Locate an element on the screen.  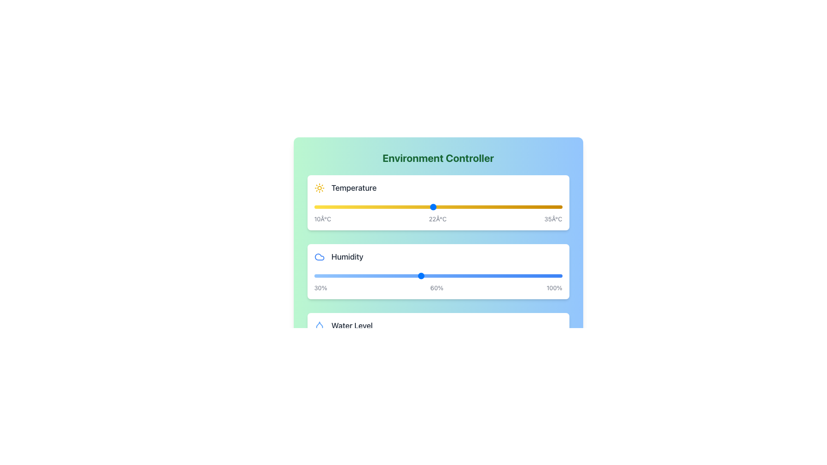
the temperature is located at coordinates (314, 207).